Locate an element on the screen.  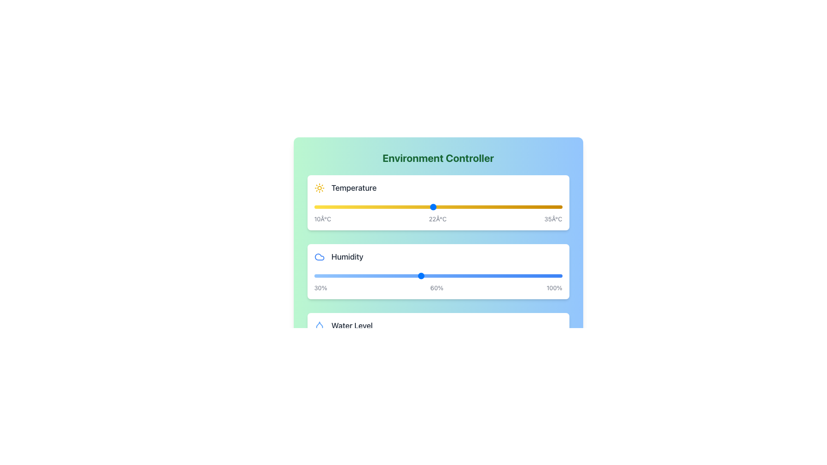
the temperature is located at coordinates (314, 207).